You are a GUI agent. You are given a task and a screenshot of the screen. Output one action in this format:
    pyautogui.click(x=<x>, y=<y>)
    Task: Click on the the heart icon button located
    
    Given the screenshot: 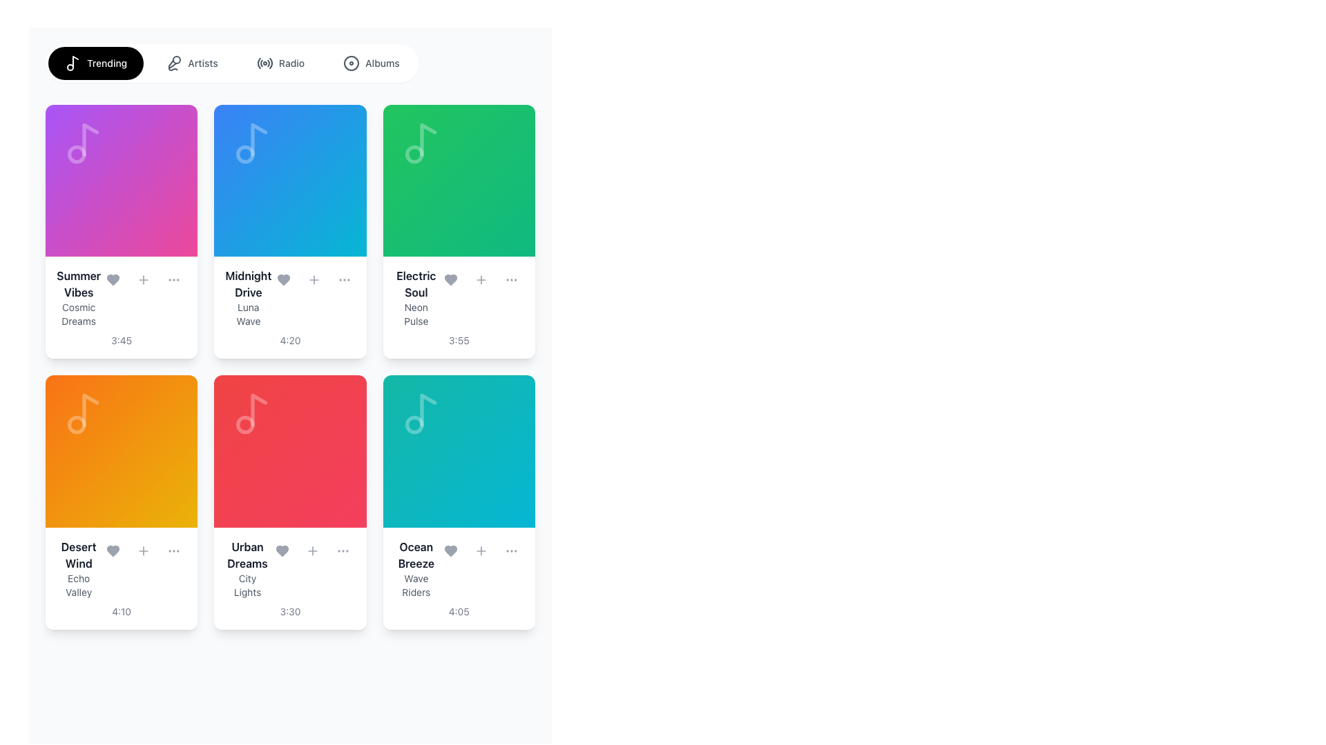 What is the action you would take?
    pyautogui.click(x=113, y=550)
    